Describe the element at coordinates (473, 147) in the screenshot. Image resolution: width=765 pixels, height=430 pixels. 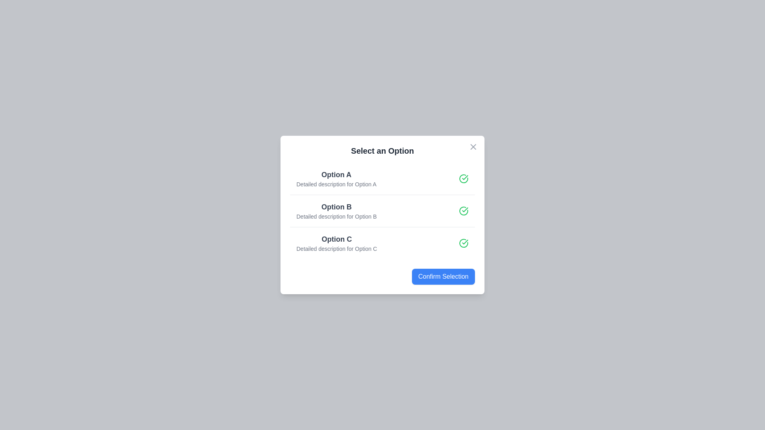
I see `the close button at the top-right corner of the dialog` at that location.